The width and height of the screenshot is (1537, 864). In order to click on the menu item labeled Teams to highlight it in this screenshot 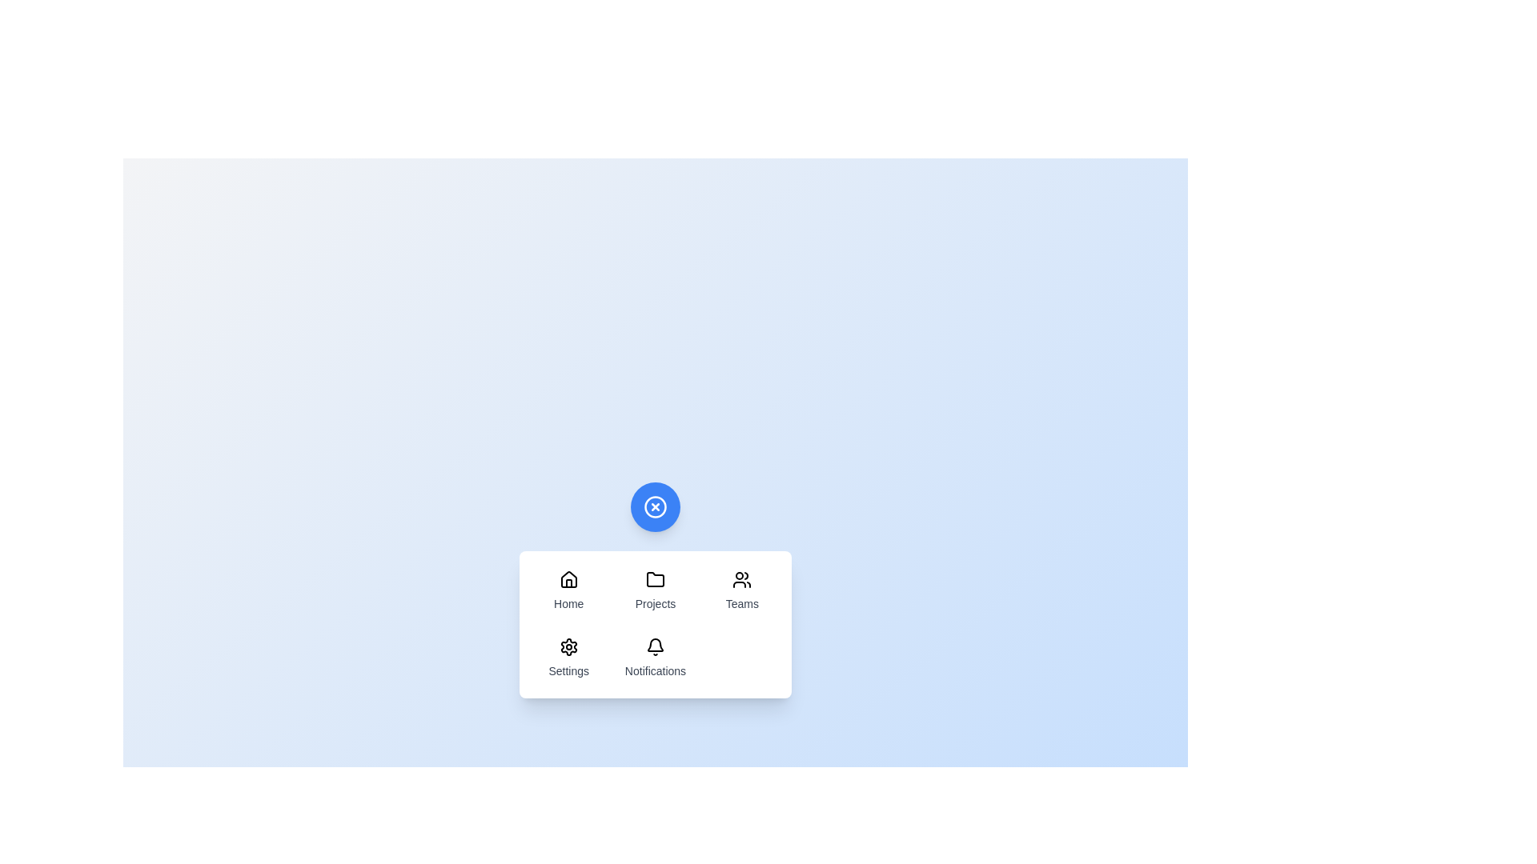, I will do `click(741, 591)`.